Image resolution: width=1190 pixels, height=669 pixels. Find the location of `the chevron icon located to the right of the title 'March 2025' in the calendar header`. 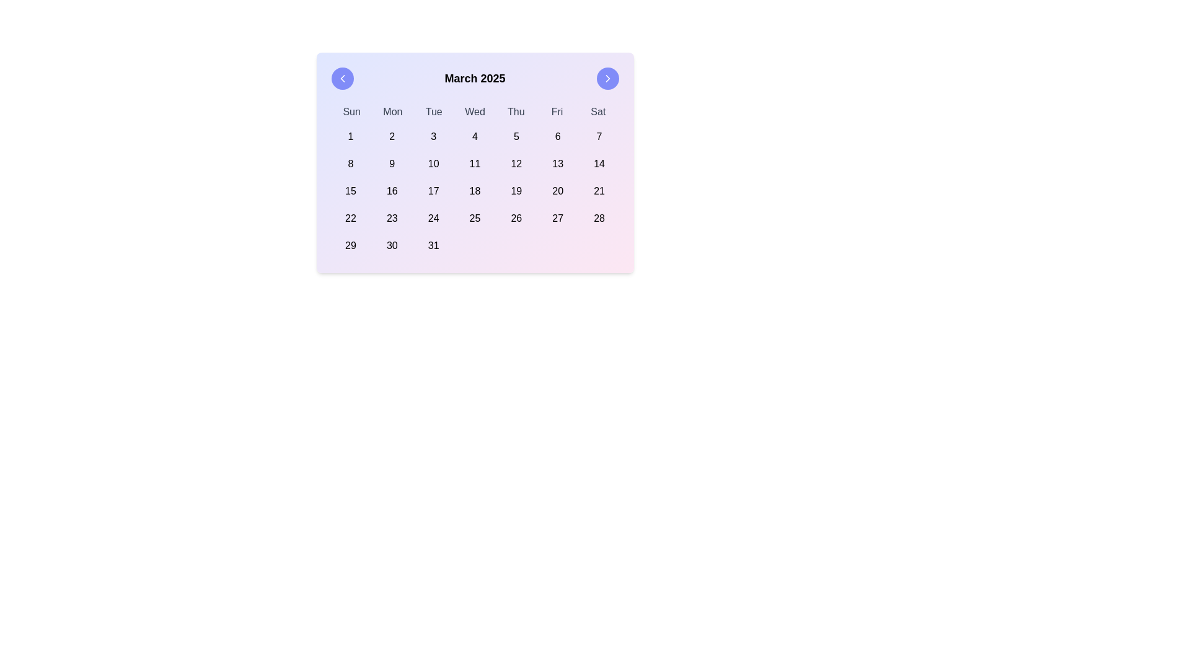

the chevron icon located to the right of the title 'March 2025' in the calendar header is located at coordinates (607, 79).